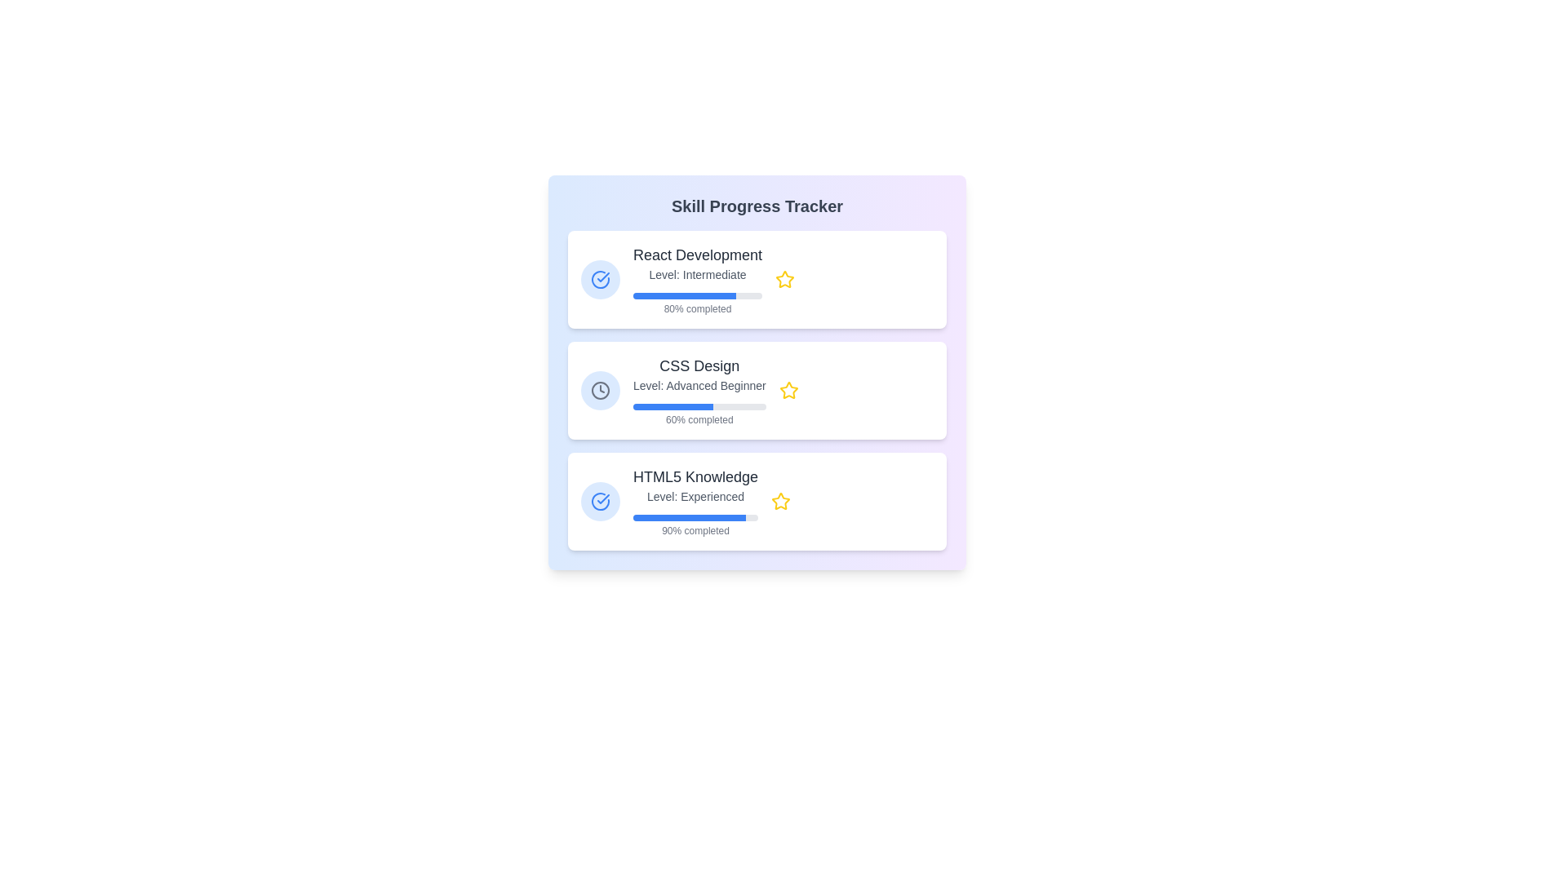 Image resolution: width=1567 pixels, height=881 pixels. Describe the element at coordinates (699, 419) in the screenshot. I see `percentage value displayed in the Text Label indicating the completion percentage for the CSS Design skill, located below the progress bar in the Skill Progress Tracker interface` at that location.